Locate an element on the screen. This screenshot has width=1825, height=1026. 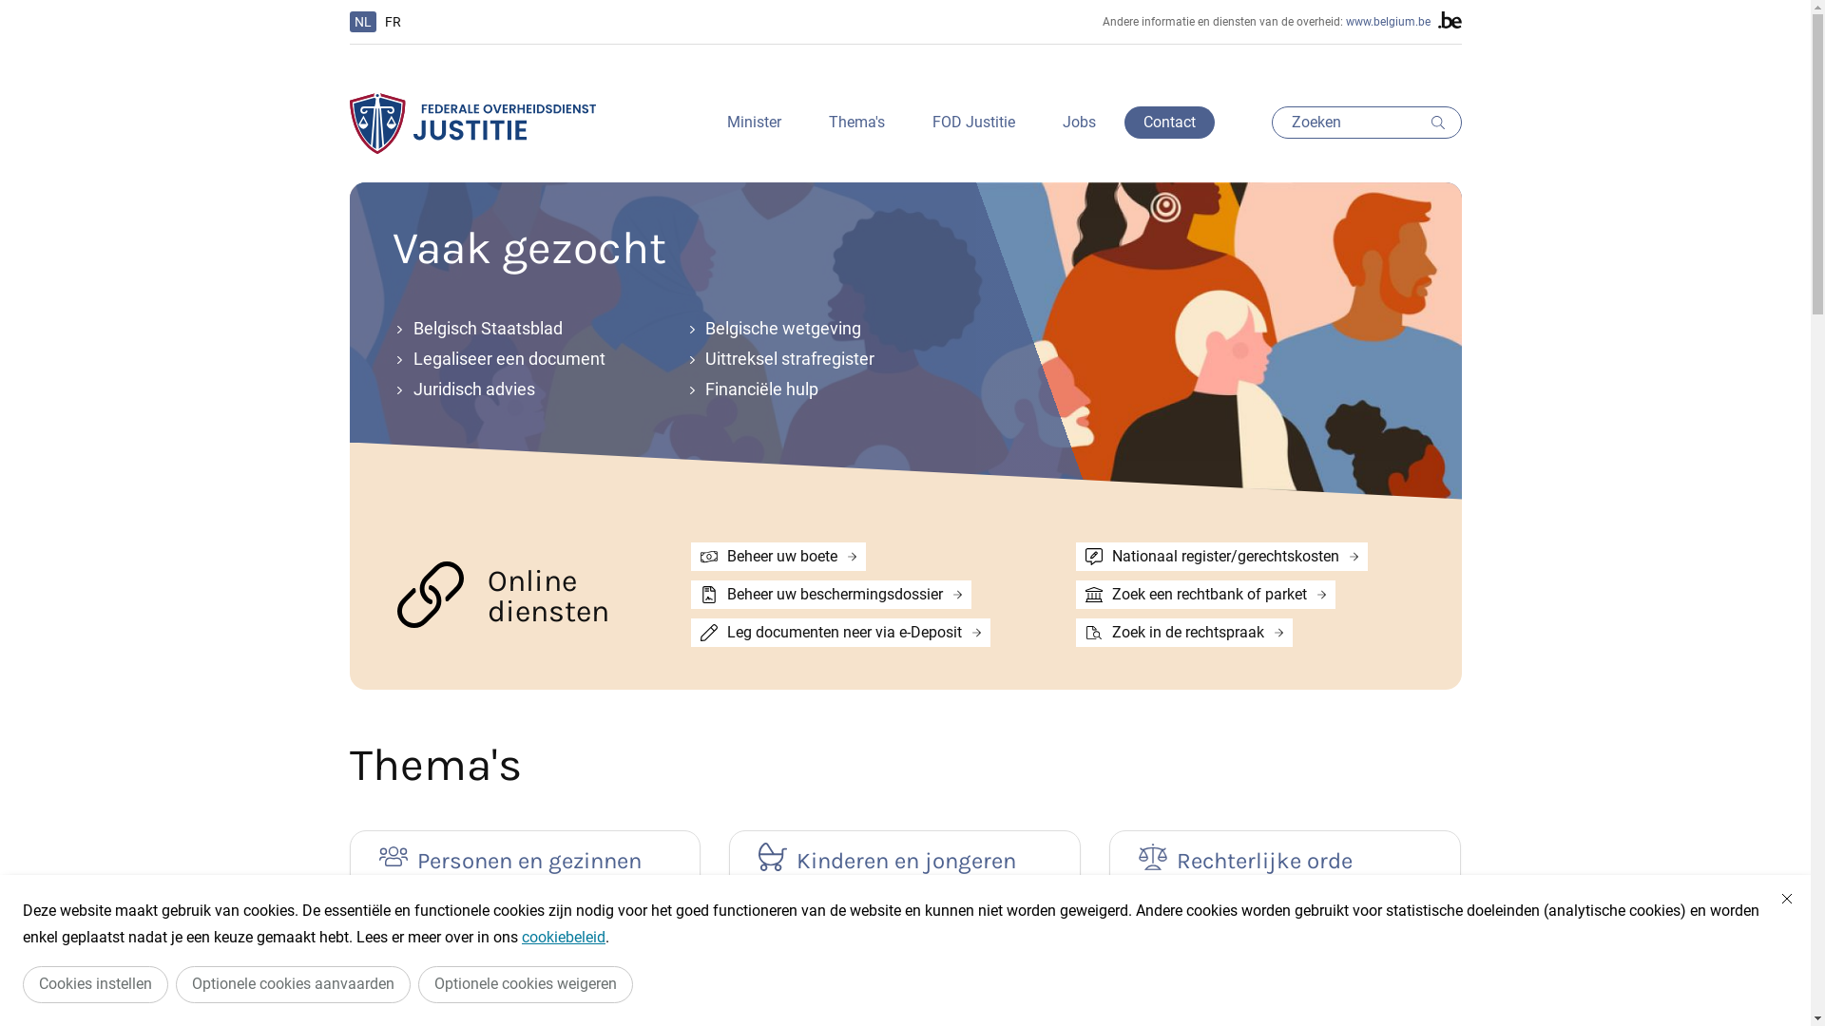
'FOD Justitie' is located at coordinates (972, 122).